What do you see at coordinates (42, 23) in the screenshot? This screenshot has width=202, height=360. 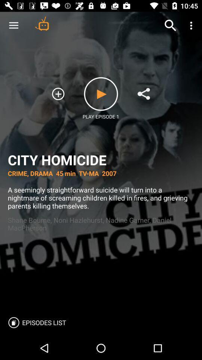 I see `live or tv view` at bounding box center [42, 23].